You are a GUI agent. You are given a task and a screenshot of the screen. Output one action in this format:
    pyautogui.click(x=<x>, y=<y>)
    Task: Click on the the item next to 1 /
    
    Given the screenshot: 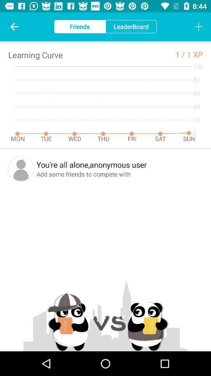 What is the action you would take?
    pyautogui.click(x=194, y=54)
    